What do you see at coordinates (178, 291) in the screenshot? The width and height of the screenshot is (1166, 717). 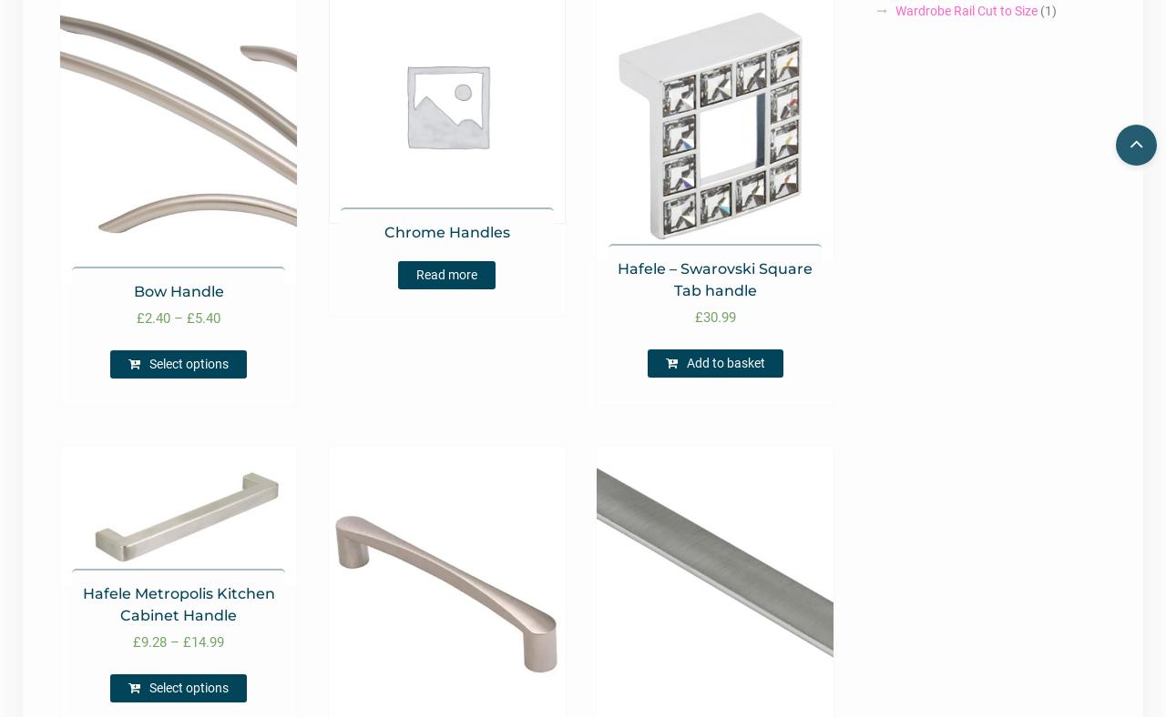 I see `'Bow Handle'` at bounding box center [178, 291].